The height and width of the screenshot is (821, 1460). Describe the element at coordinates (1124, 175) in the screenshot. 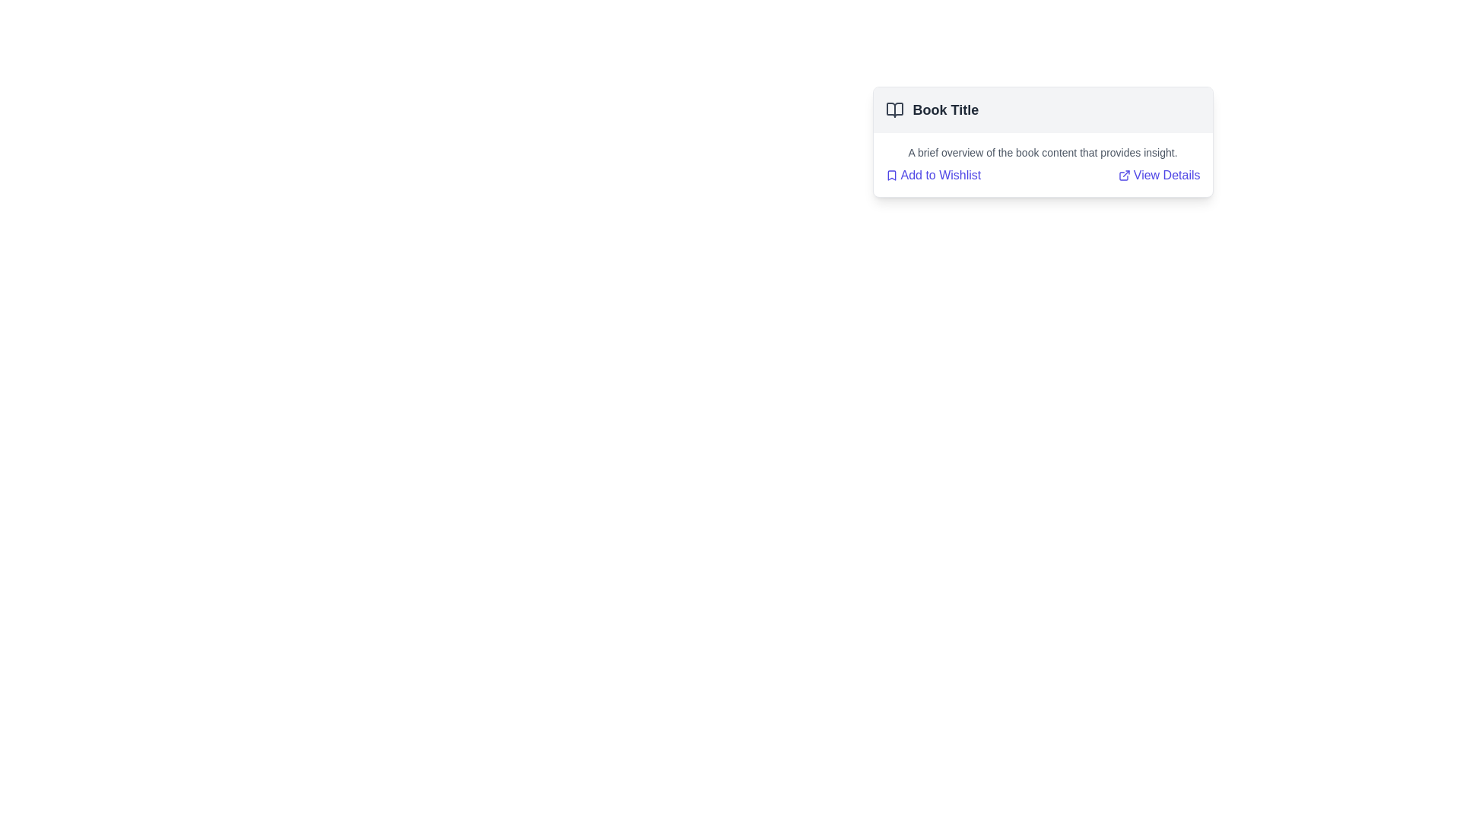

I see `the graphic icon resembling an arrow leaving a square, which is located near the left side of the 'View Details' hyperlink at the bottom-right corner of the card component containing book details` at that location.